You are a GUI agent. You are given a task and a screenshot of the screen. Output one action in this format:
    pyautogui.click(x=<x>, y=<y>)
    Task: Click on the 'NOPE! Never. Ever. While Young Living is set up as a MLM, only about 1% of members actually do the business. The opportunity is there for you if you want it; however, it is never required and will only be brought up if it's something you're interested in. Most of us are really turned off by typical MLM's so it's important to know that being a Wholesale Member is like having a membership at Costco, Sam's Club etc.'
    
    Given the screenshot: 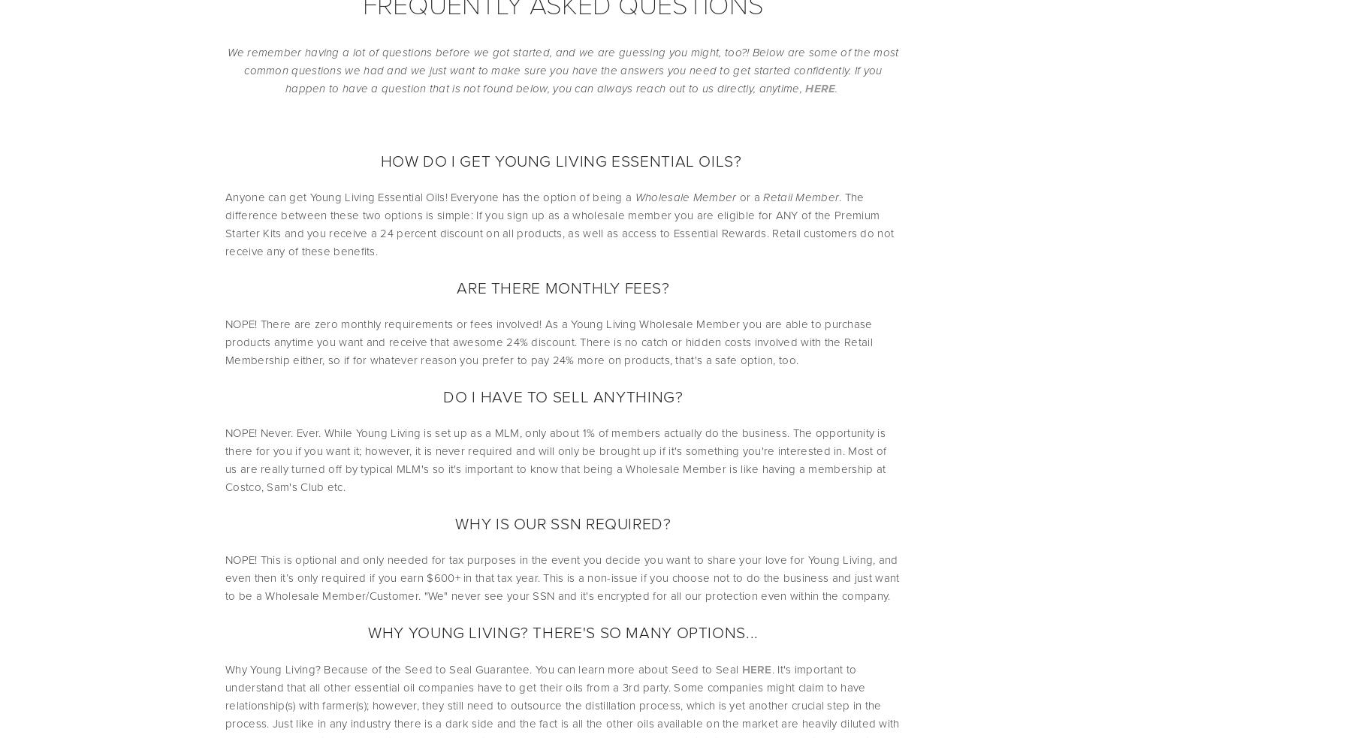 What is the action you would take?
    pyautogui.click(x=556, y=459)
    